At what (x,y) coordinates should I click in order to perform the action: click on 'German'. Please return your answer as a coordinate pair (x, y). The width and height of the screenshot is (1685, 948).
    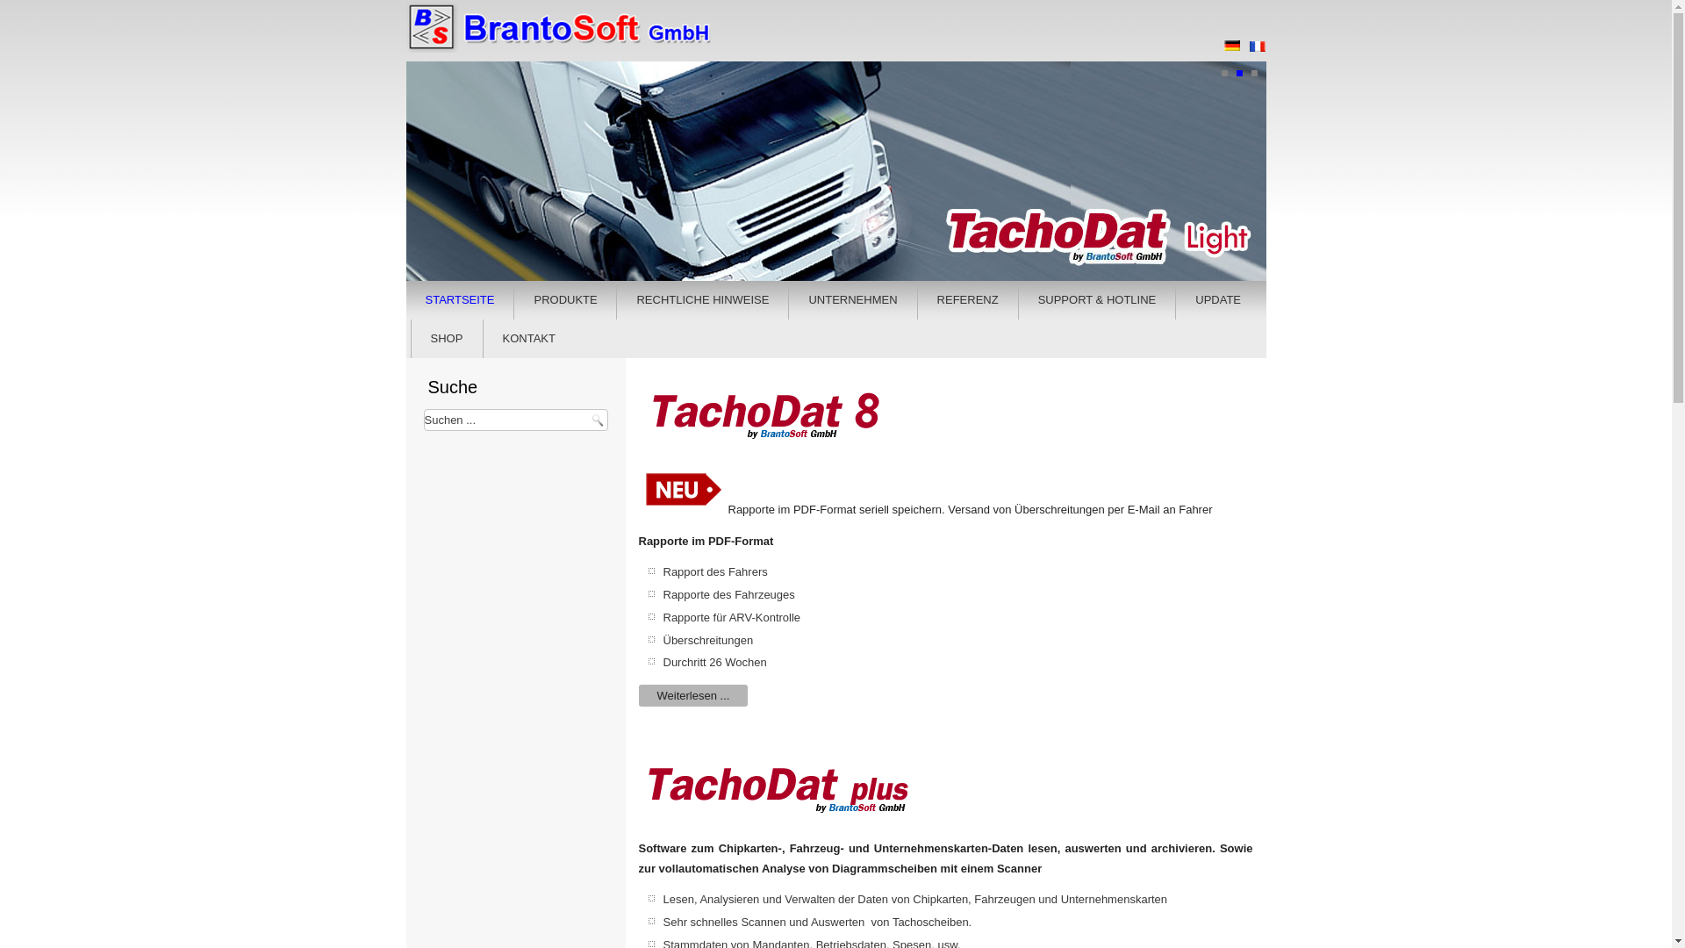
    Looking at the image, I should click on (1230, 44).